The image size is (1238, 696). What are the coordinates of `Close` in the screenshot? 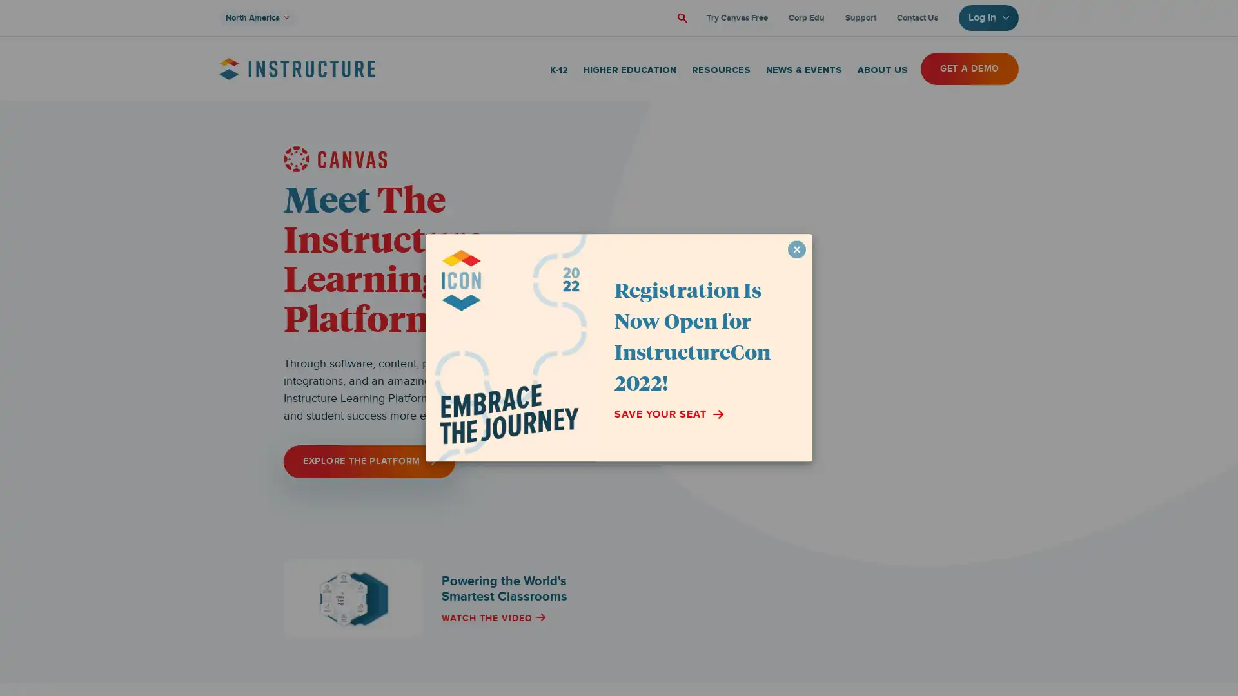 It's located at (235, 527).